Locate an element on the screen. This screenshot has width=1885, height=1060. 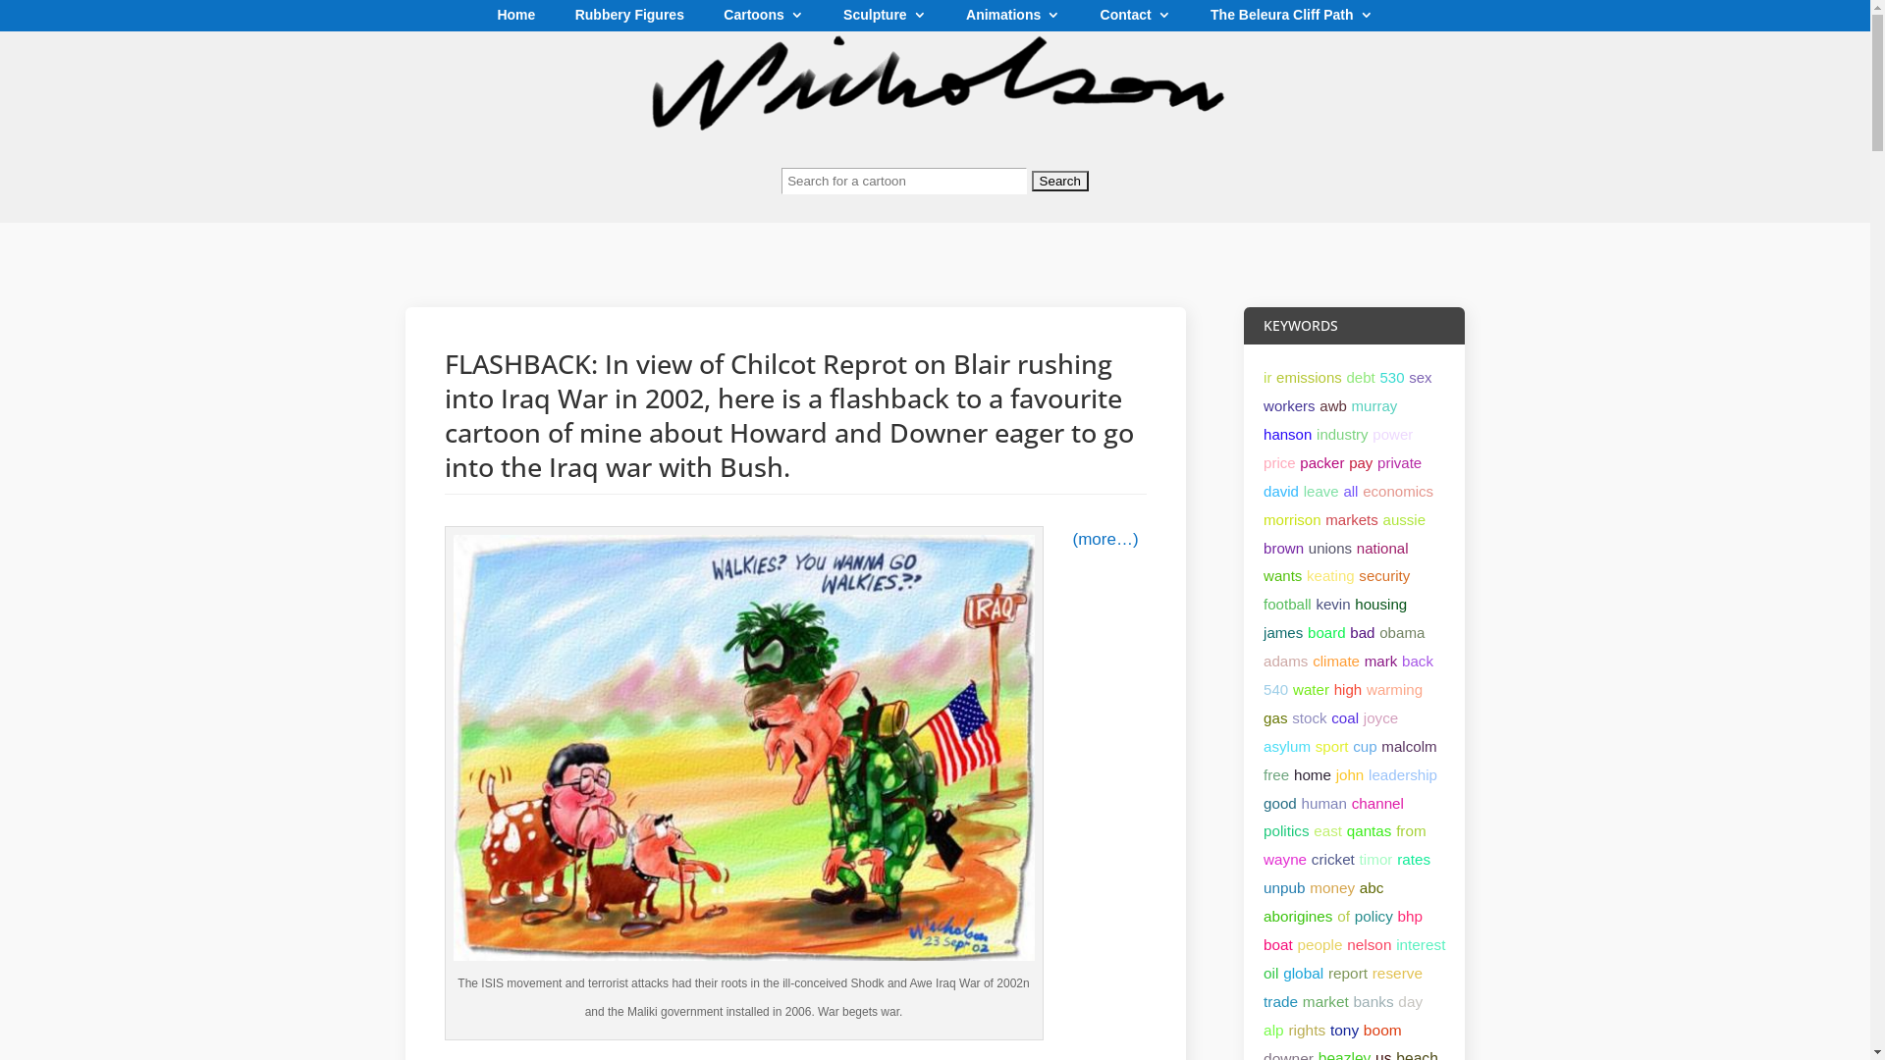
'Home' is located at coordinates (515, 20).